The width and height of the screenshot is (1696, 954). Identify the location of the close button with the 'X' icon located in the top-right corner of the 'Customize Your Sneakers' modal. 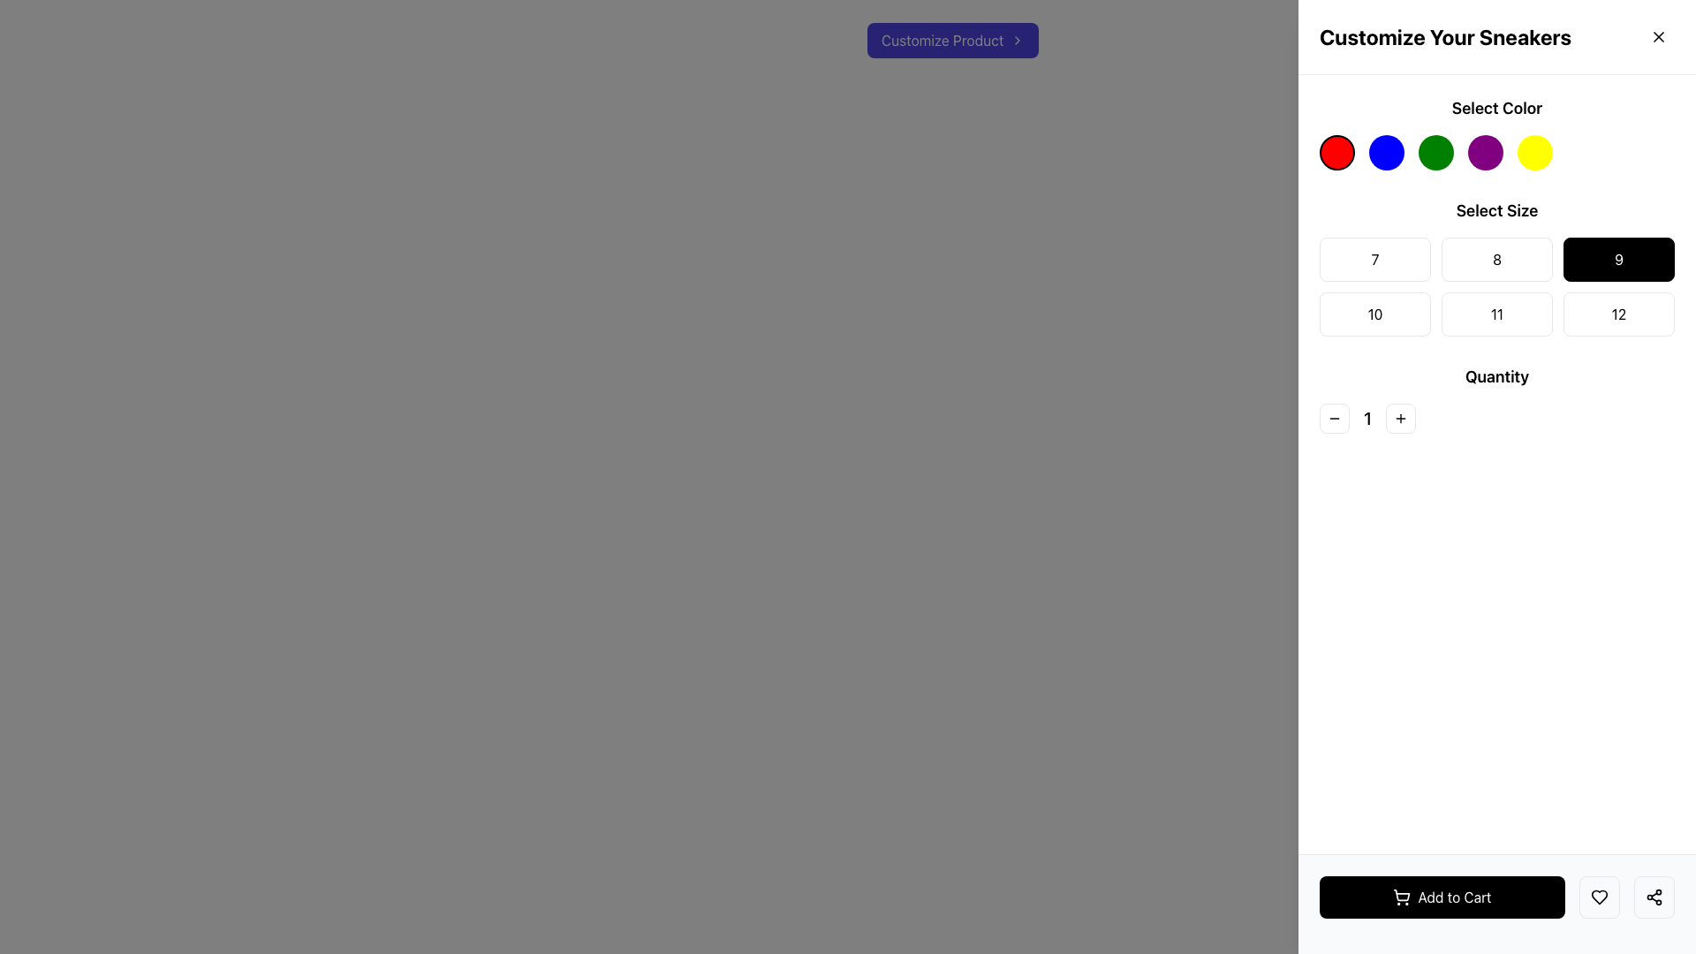
(1657, 37).